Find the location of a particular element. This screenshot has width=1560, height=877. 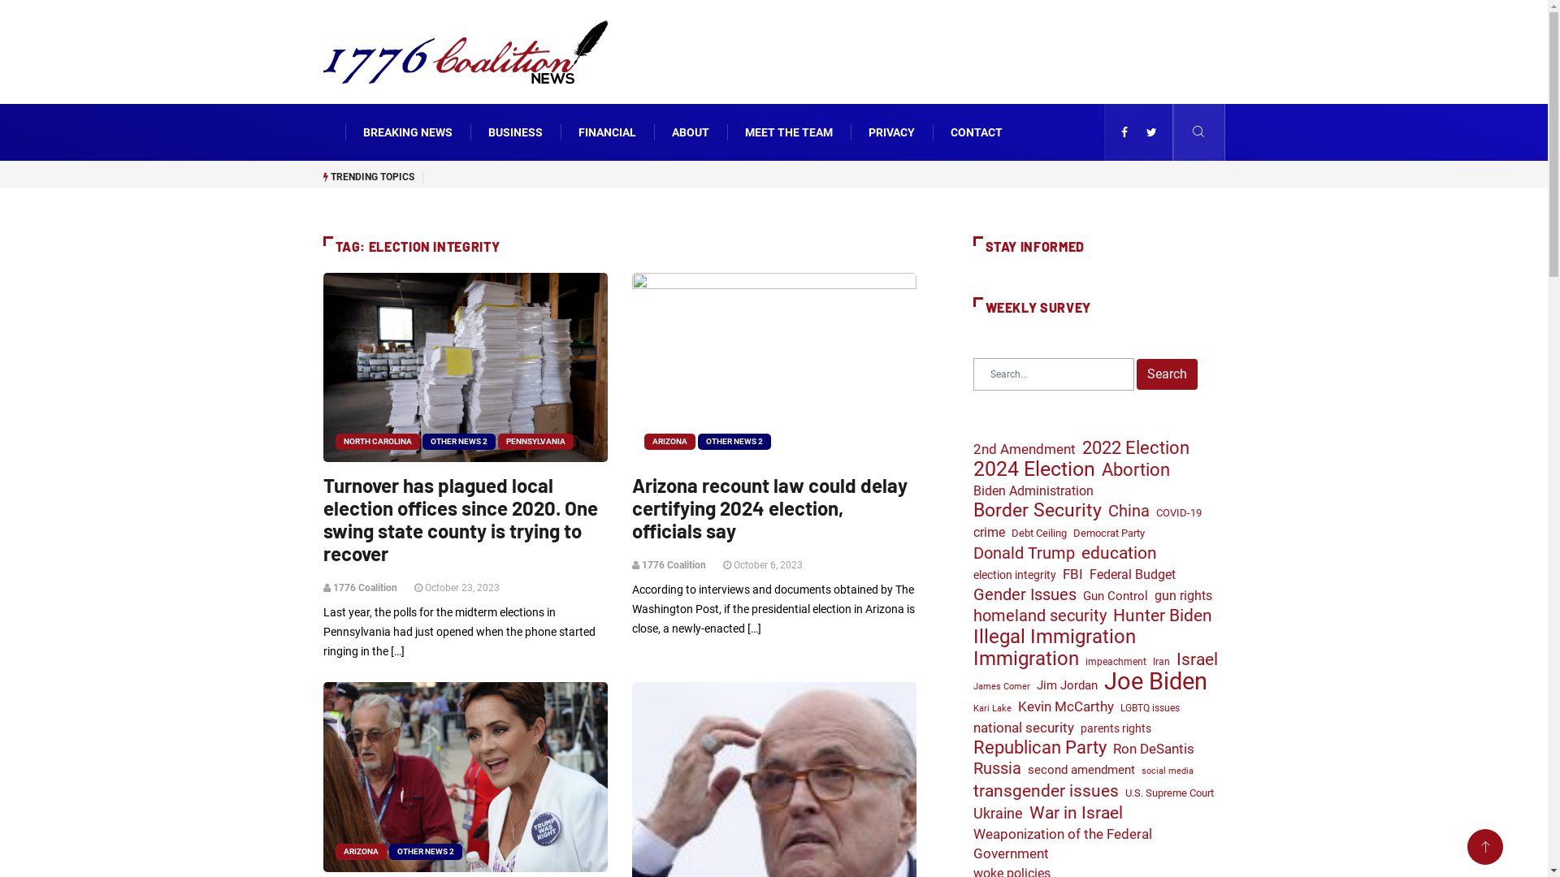

'Federal Budget' is located at coordinates (1088, 574).